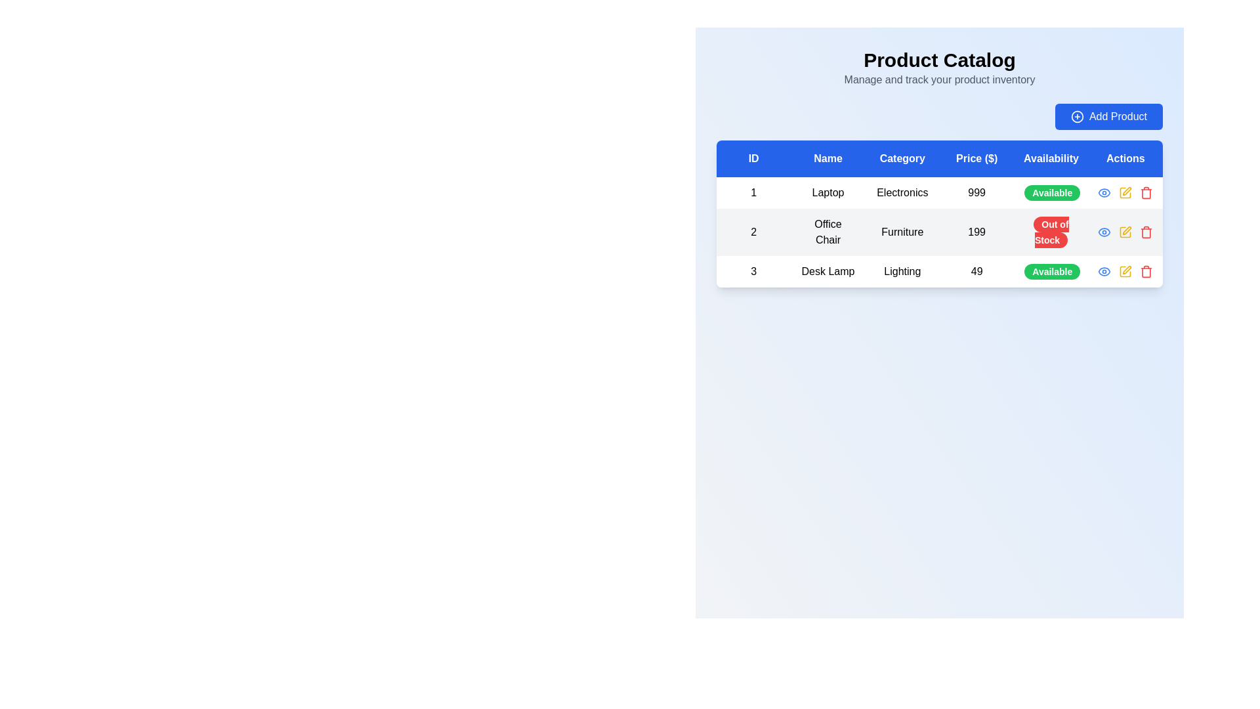 The width and height of the screenshot is (1260, 709). What do you see at coordinates (902, 192) in the screenshot?
I see `the text displayed in the 'Category' column of the first row, which is associated with the entry for 'Laptop'` at bounding box center [902, 192].